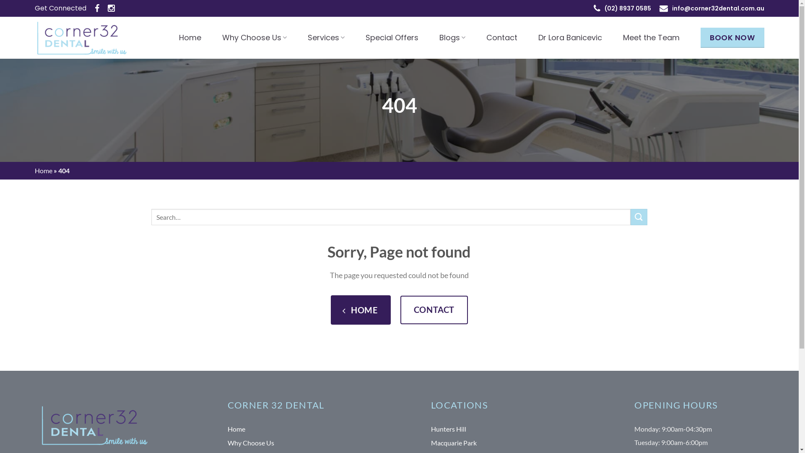  Describe the element at coordinates (34, 37) in the screenshot. I see `'Corner32'` at that location.